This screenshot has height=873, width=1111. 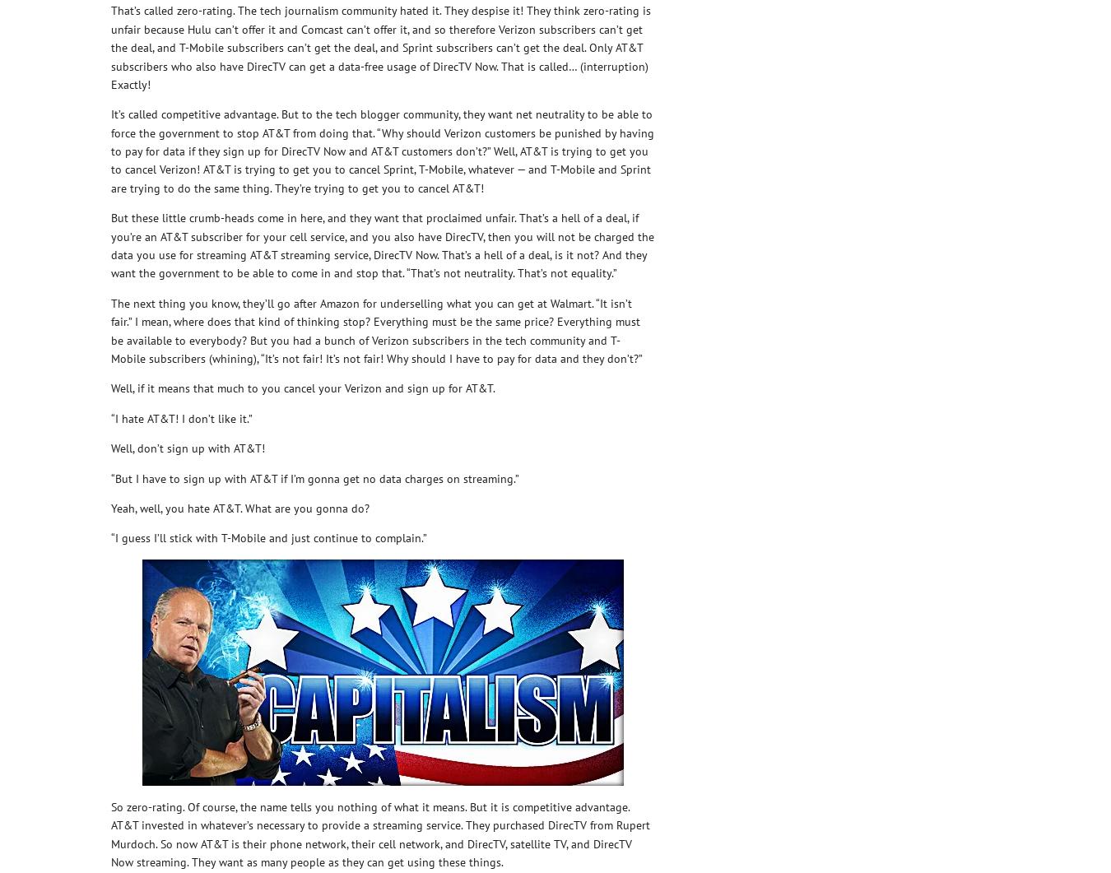 What do you see at coordinates (239, 506) in the screenshot?
I see `'Yeah, well, you hate AT&T. What are you gonna do?'` at bounding box center [239, 506].